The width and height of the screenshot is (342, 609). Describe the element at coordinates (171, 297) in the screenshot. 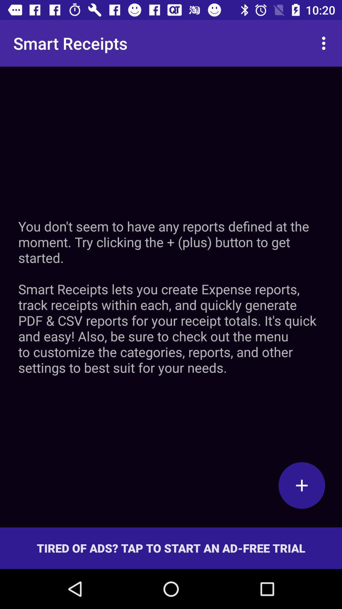

I see `the item above the tired of ads item` at that location.